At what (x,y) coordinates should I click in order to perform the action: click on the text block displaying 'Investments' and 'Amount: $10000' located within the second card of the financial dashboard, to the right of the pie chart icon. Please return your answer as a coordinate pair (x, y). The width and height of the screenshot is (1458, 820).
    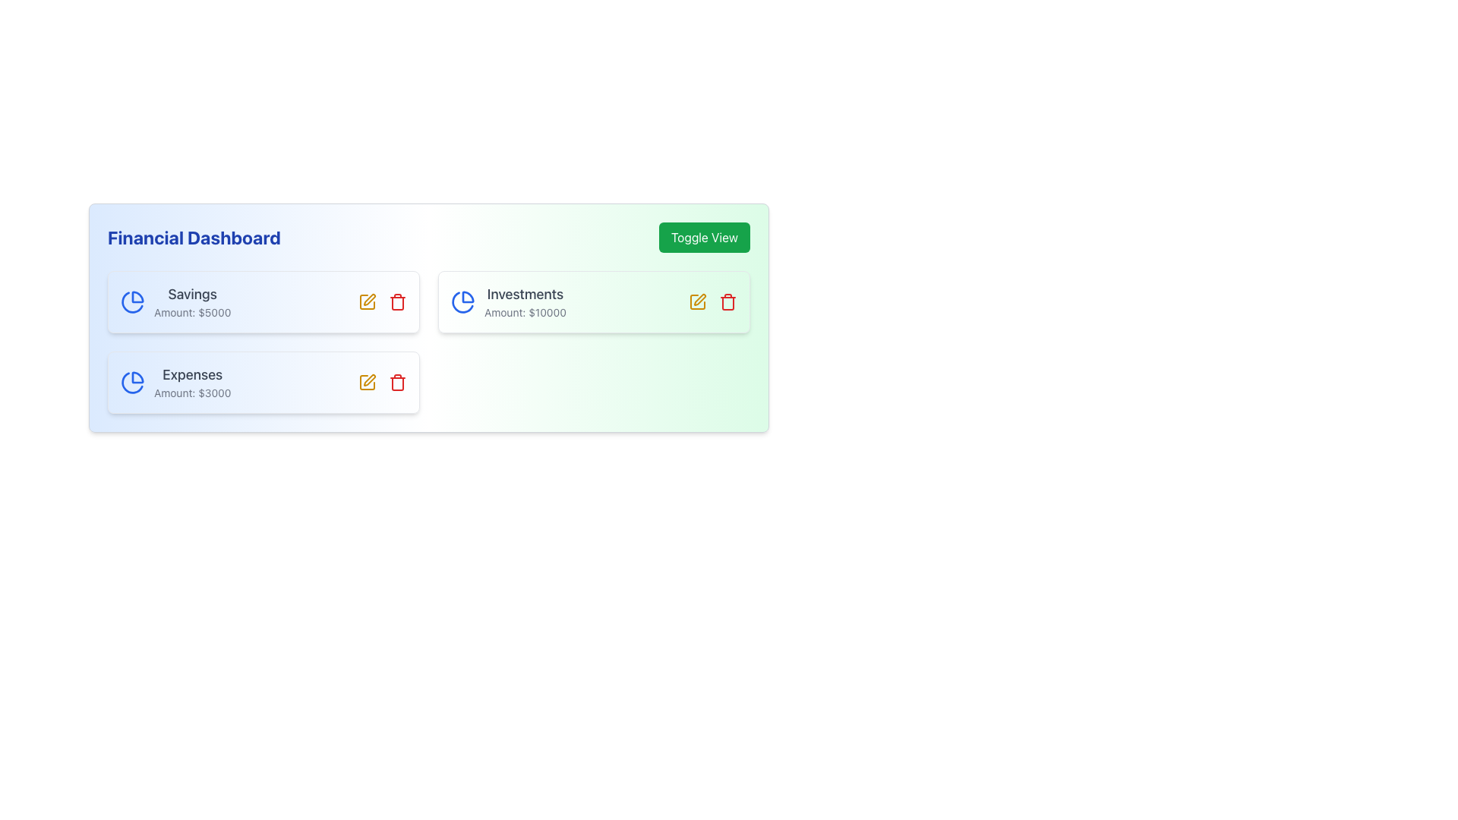
    Looking at the image, I should click on (525, 301).